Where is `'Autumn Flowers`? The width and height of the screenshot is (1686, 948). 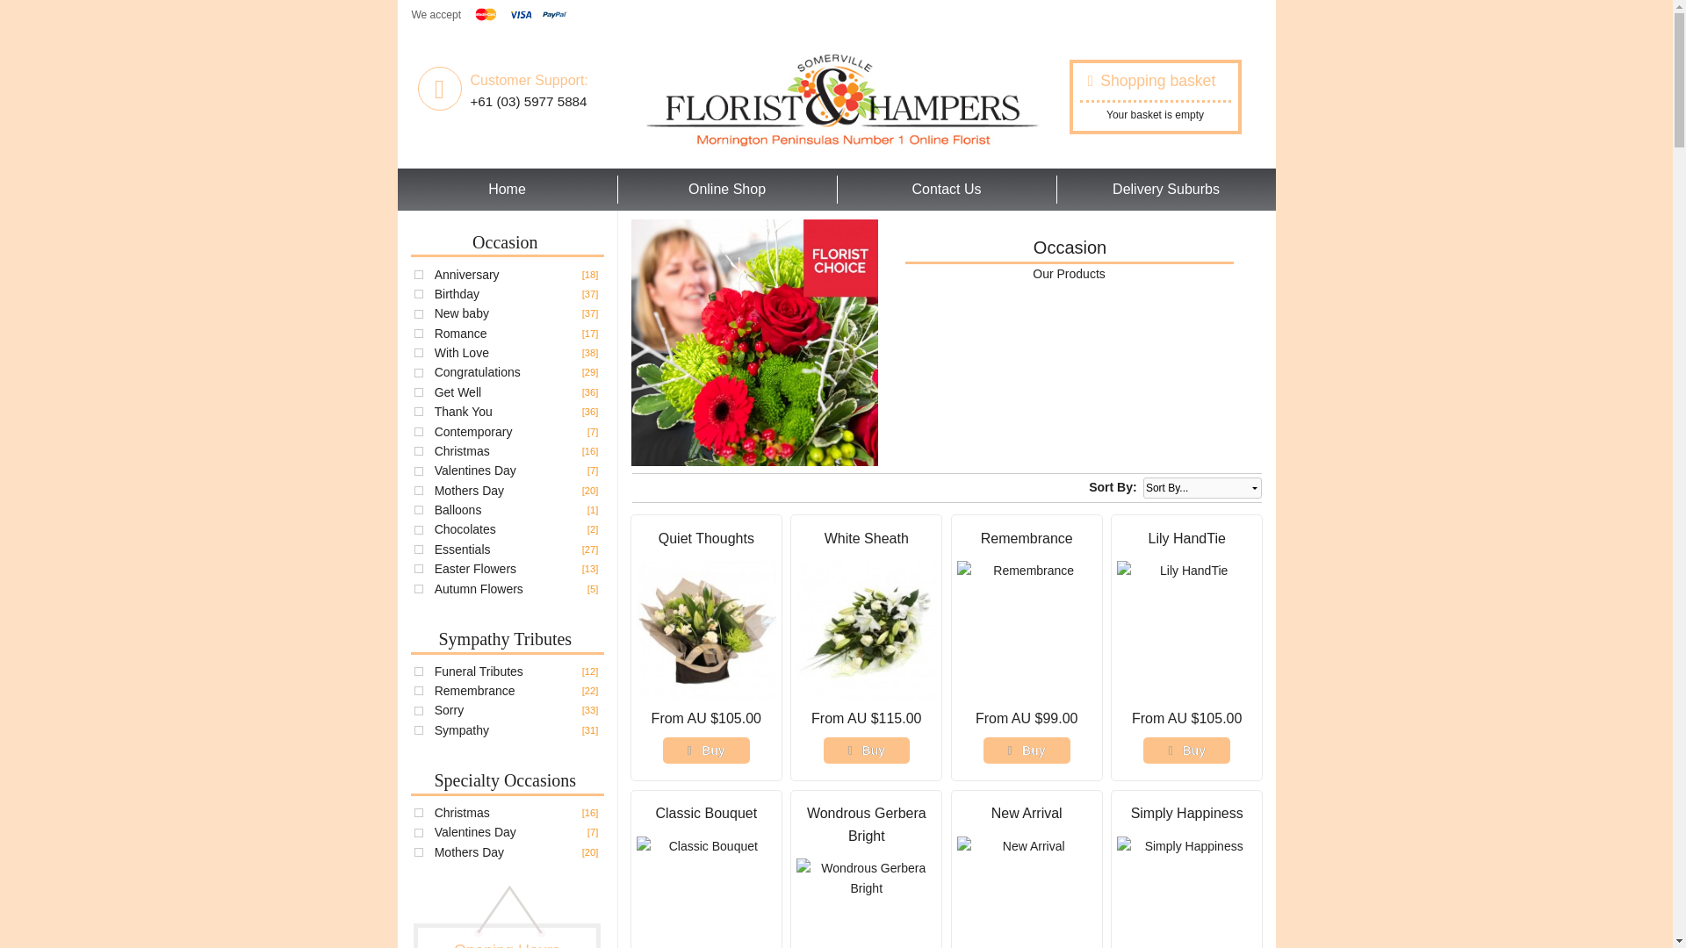 'Autumn Flowers is located at coordinates (479, 589).